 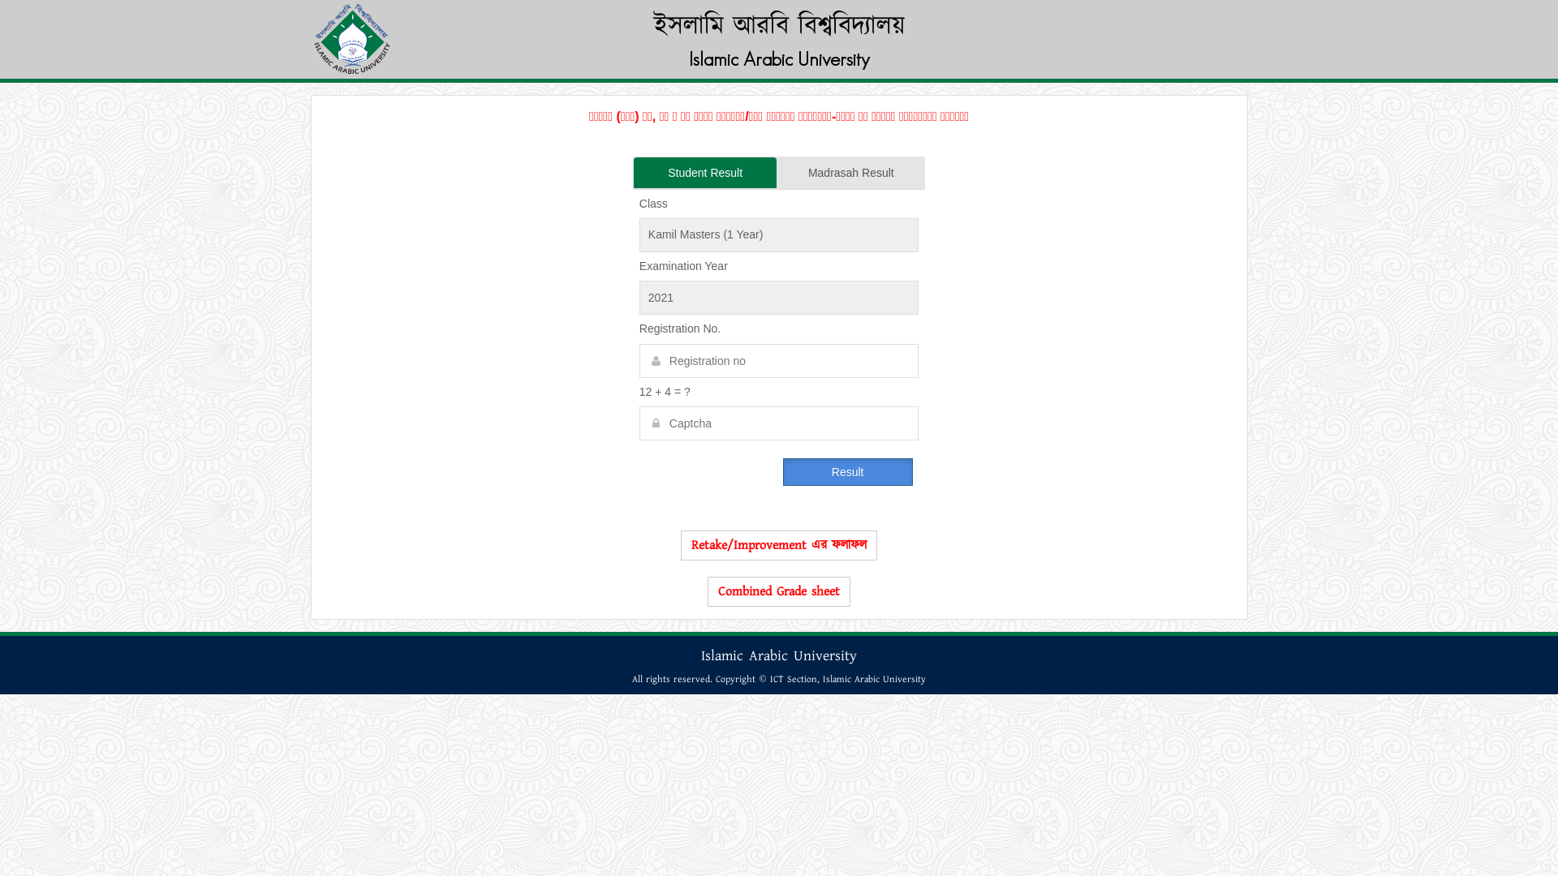 I want to click on 'Result', so click(x=847, y=472).